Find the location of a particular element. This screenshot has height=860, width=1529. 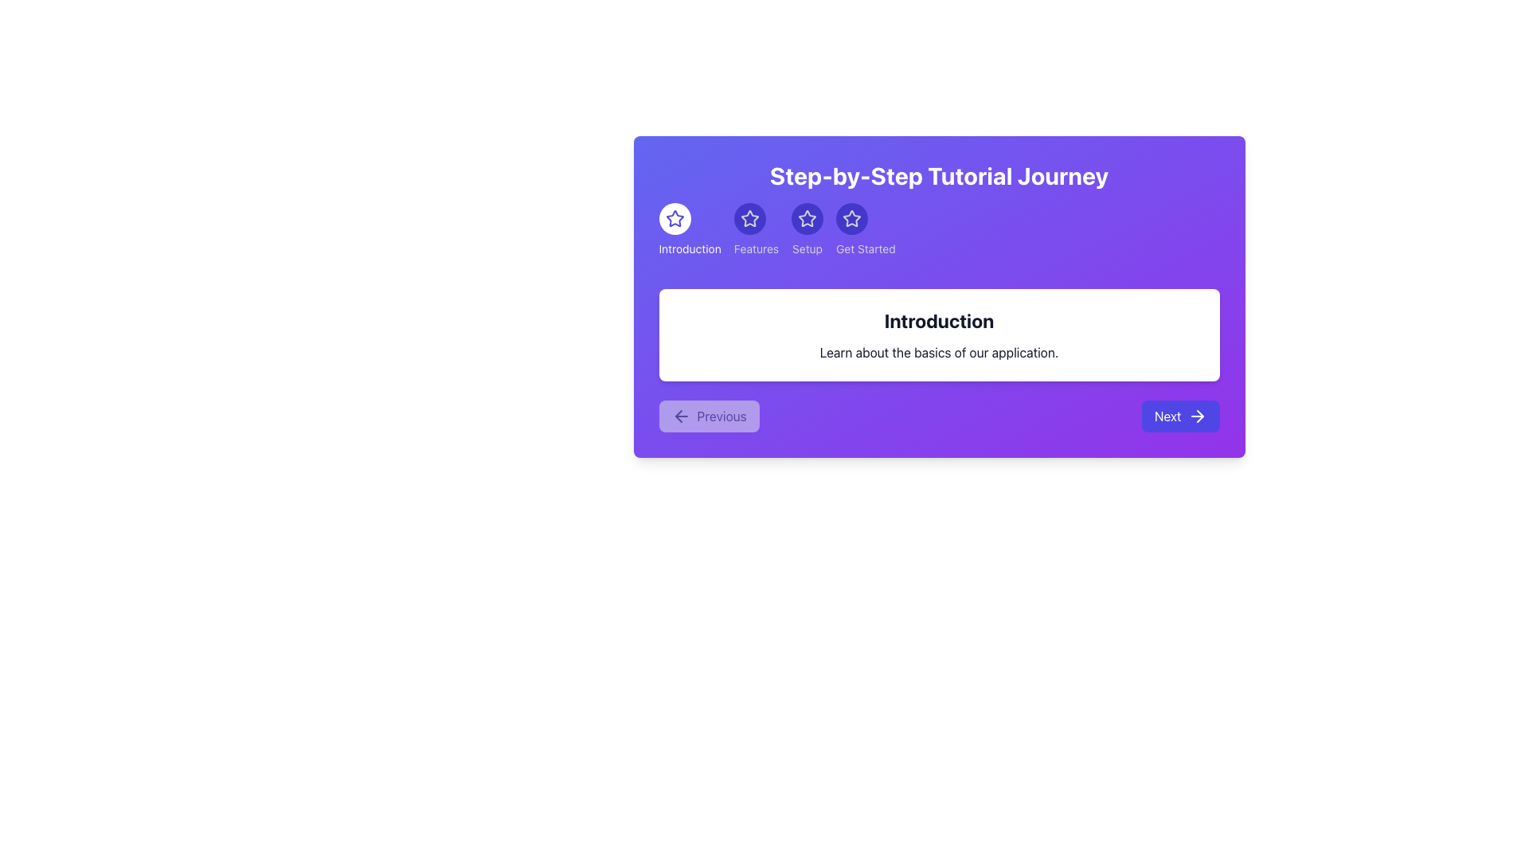

the textual label positioned below the star icon in the top left of the interface's main content panel is located at coordinates (690, 248).